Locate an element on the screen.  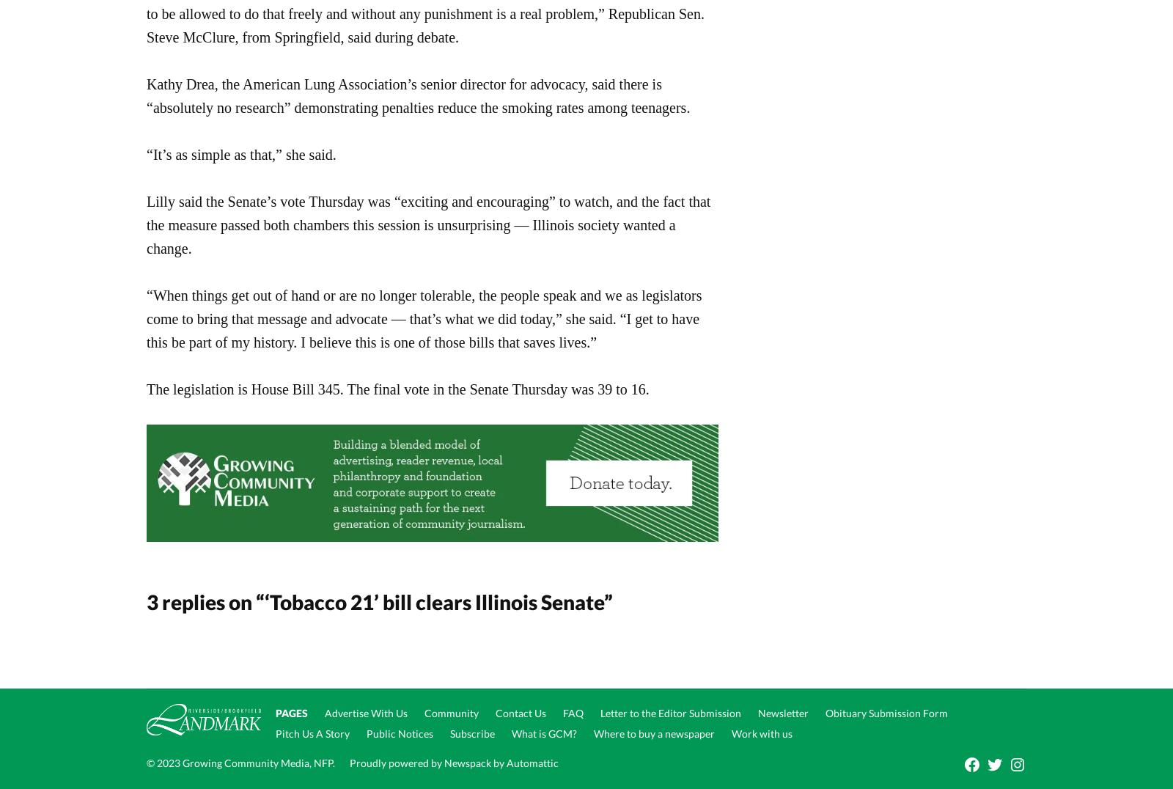
'Proudly powered by Newspack by Automattic' is located at coordinates (454, 762).